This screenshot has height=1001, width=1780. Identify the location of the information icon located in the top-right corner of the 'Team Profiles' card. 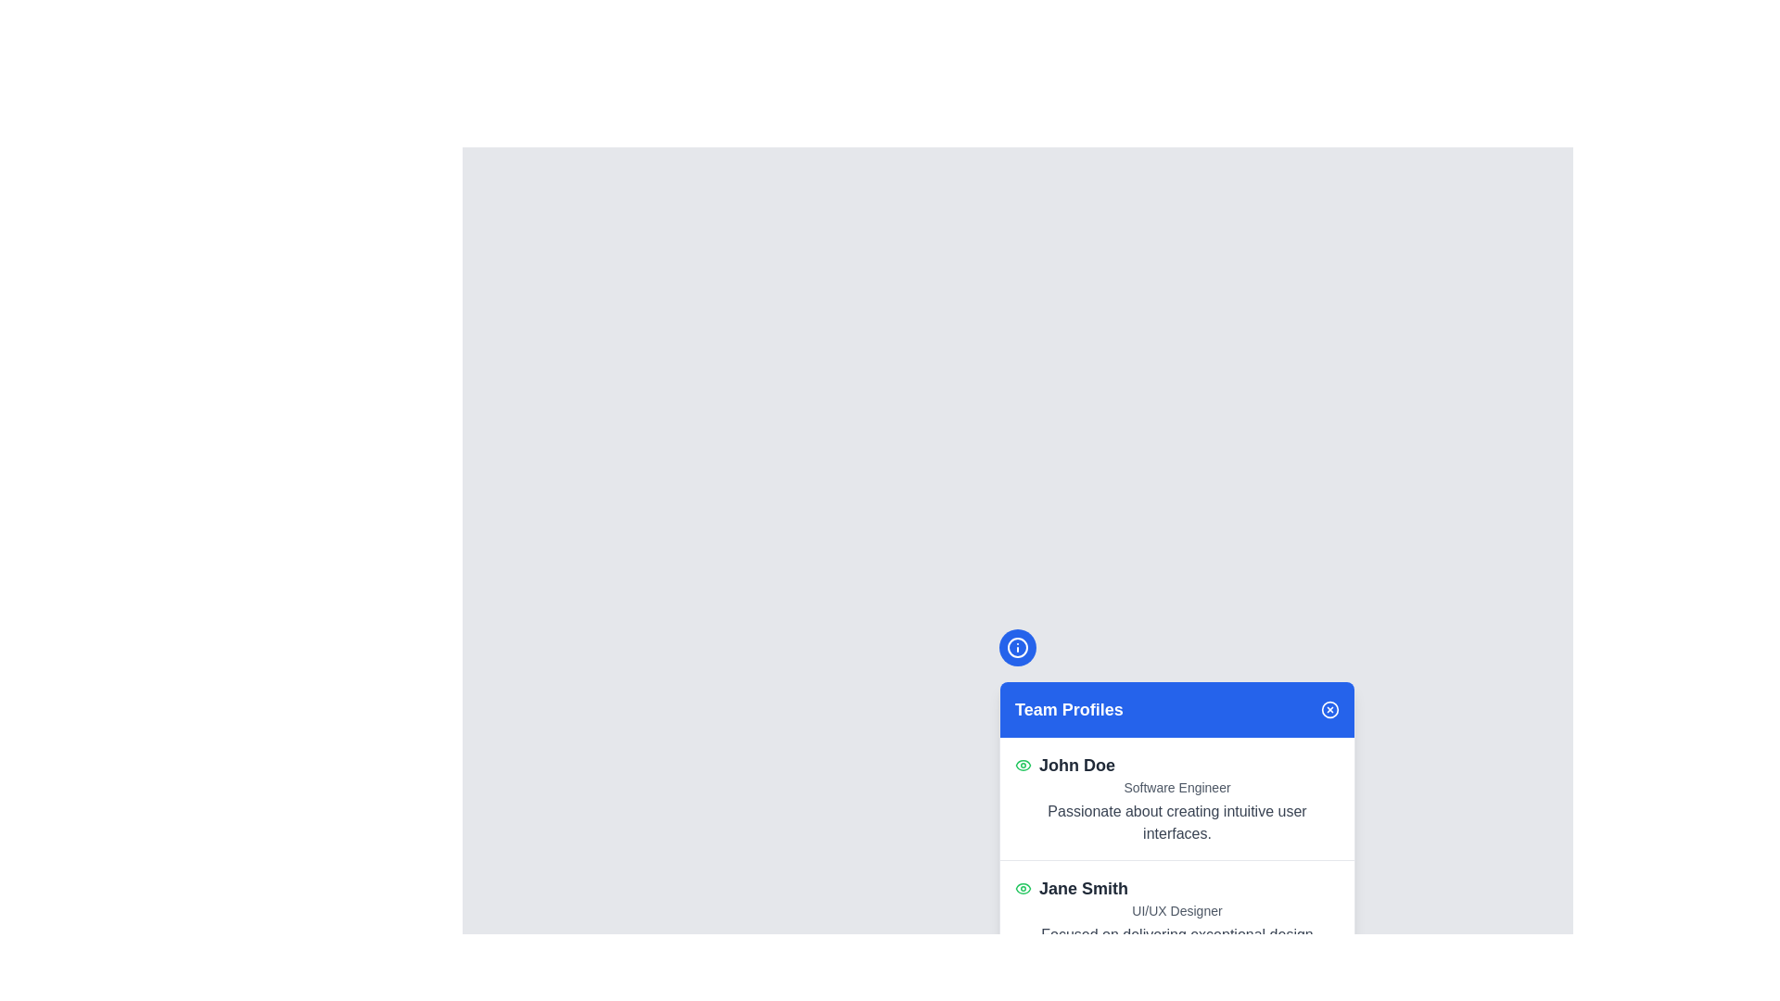
(1017, 646).